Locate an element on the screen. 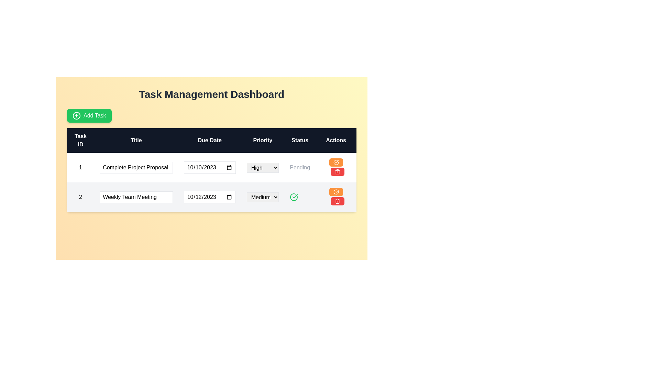 The height and width of the screenshot is (371, 660). the delete button located as the second button in the 'Actions' column of the second row in the task list table is located at coordinates (337, 201).